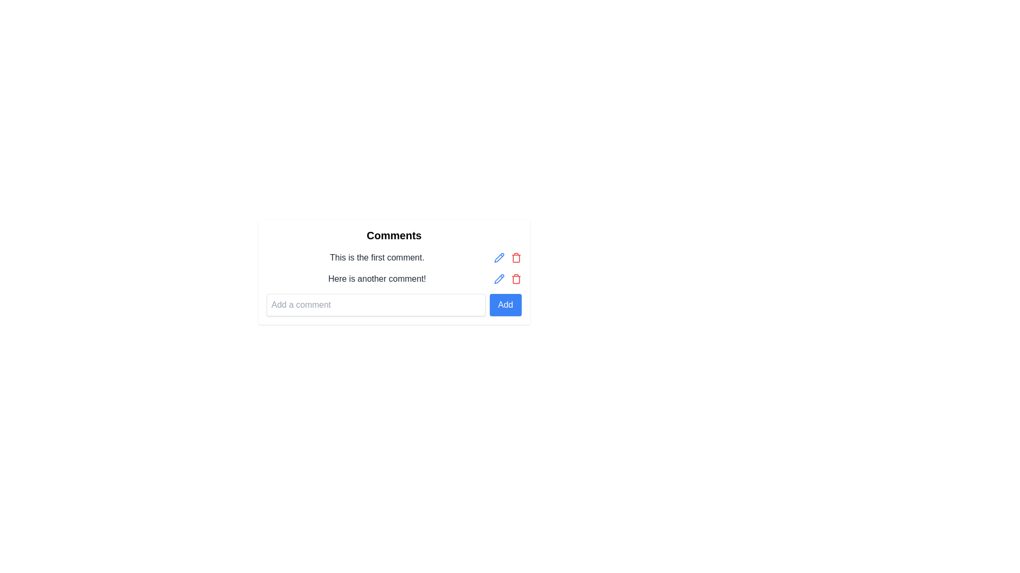 The width and height of the screenshot is (1020, 573). What do you see at coordinates (499, 258) in the screenshot?
I see `the edit button, which is the second icon in the inline group to the right of 'This is the first comment.' and before the red trash can icon, to initiate editing` at bounding box center [499, 258].